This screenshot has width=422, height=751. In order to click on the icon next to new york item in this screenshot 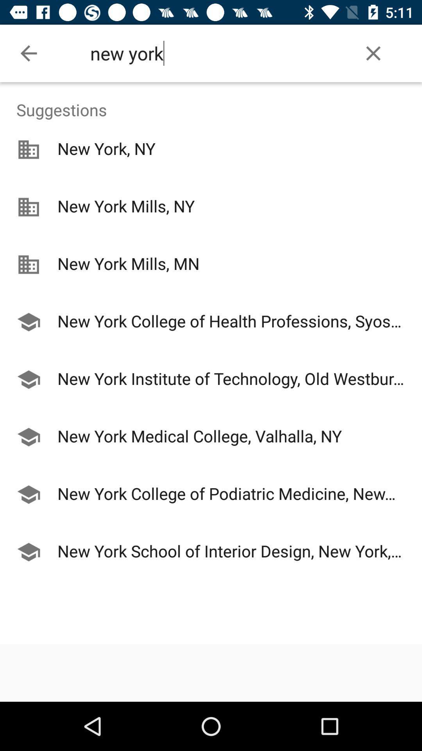, I will do `click(28, 53)`.